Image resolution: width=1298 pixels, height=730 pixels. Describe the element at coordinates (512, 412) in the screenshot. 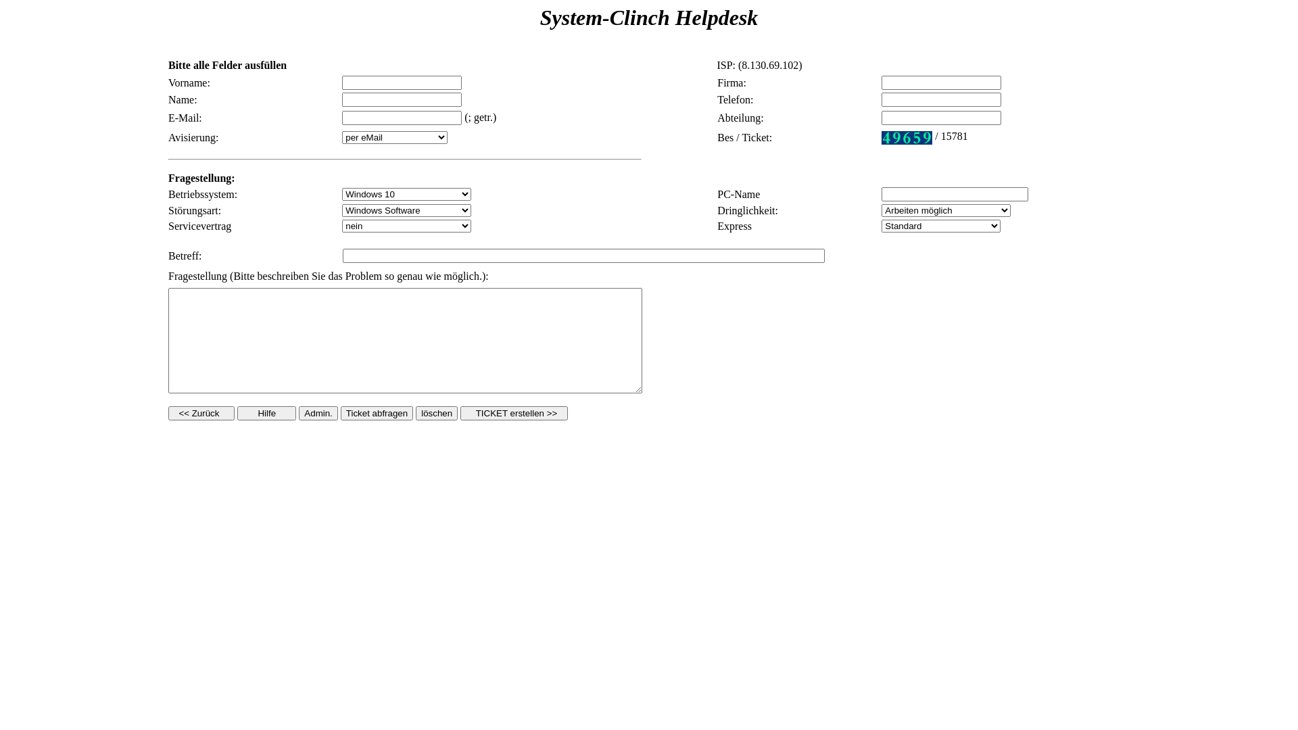

I see `'    TICKET erstellen >>  '` at that location.